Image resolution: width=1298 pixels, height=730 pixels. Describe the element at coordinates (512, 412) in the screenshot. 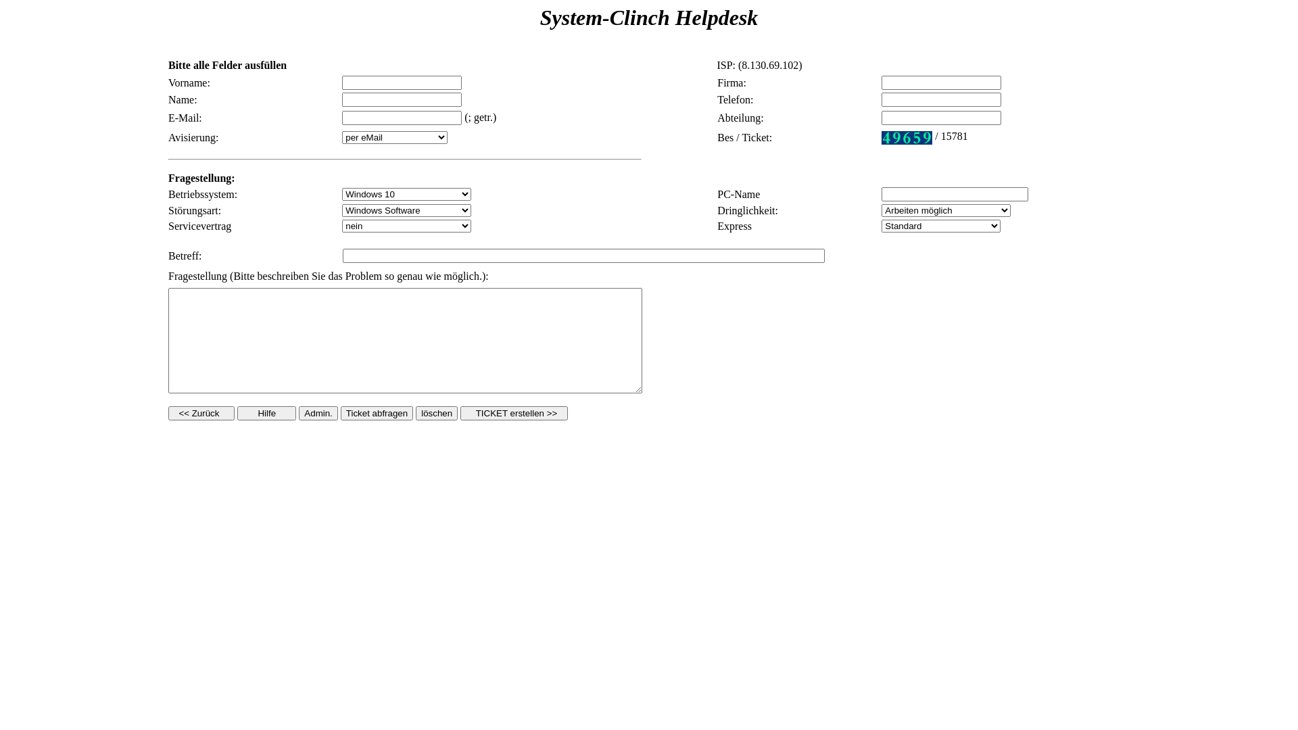

I see `'    TICKET erstellen >>  '` at that location.